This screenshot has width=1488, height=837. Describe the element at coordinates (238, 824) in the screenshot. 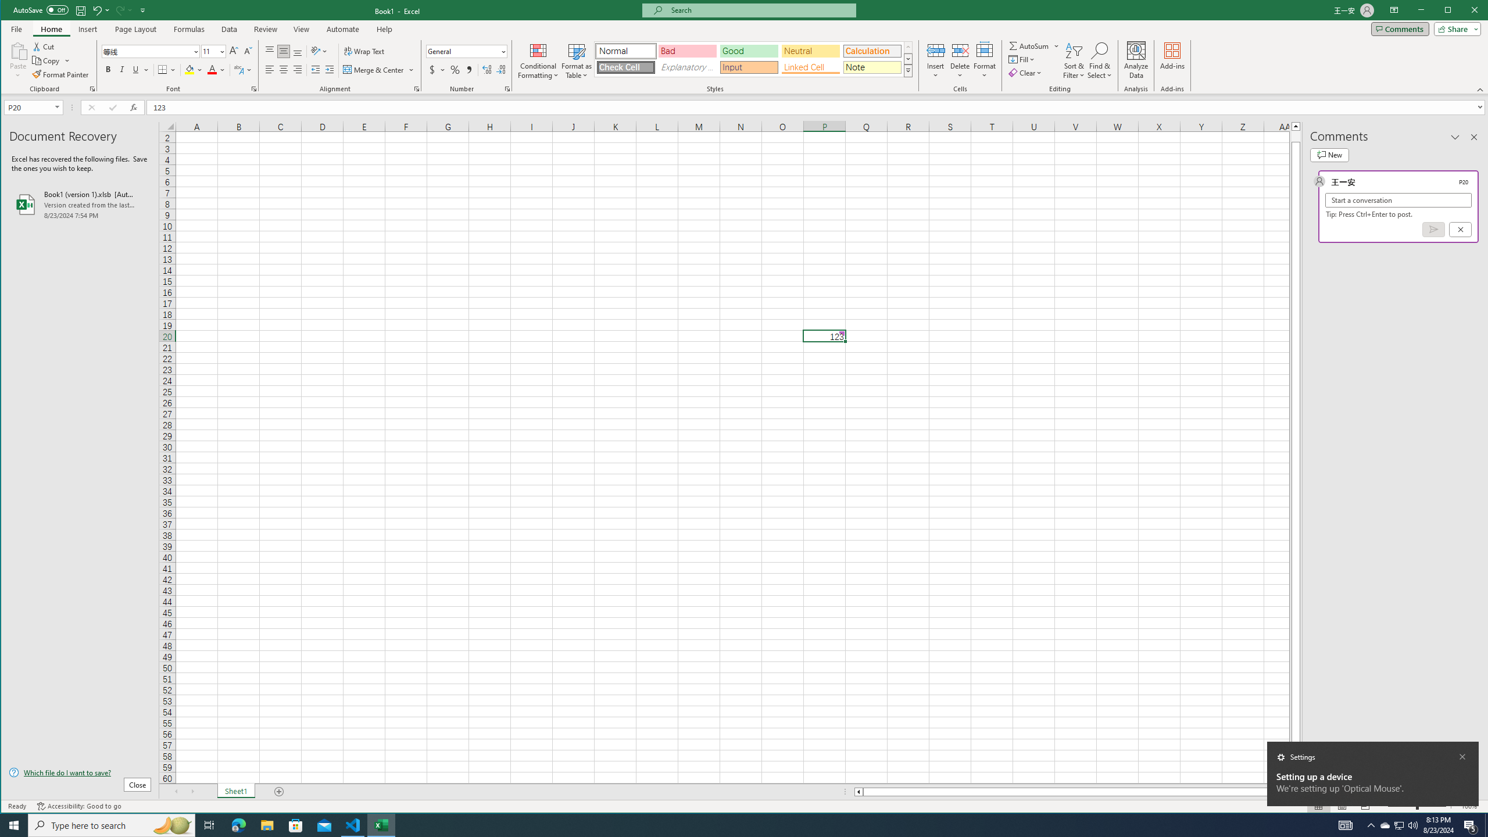

I see `'Microsoft Edge'` at that location.